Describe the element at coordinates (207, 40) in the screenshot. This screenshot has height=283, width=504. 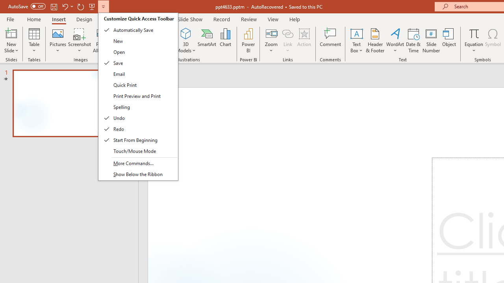
I see `'SmartArt...'` at that location.